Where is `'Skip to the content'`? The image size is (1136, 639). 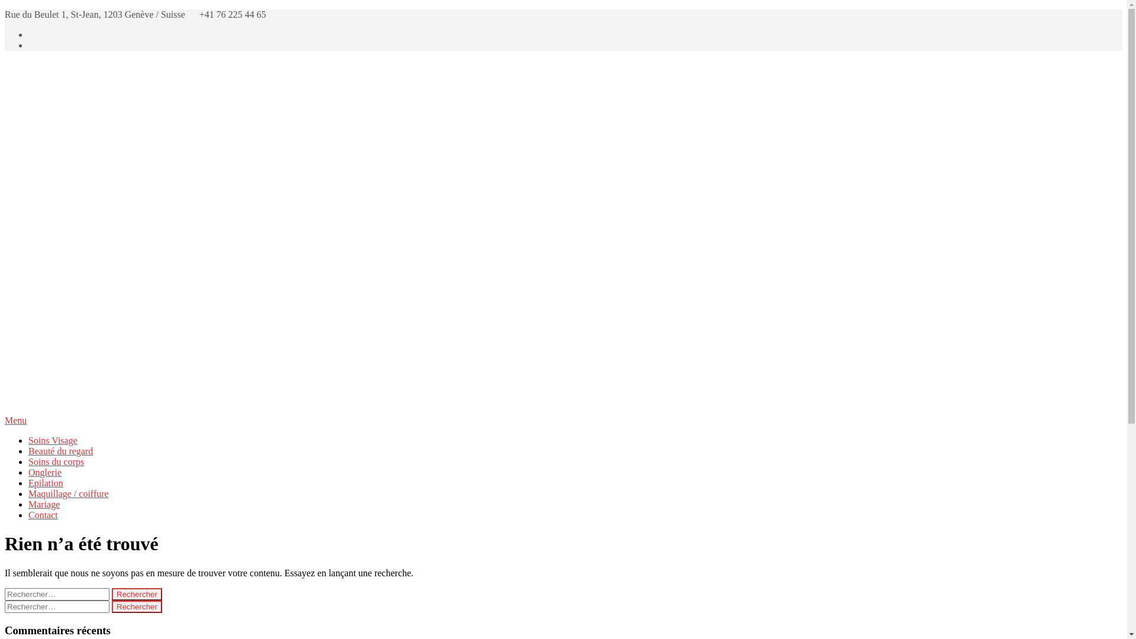 'Skip to the content' is located at coordinates (4, 9).